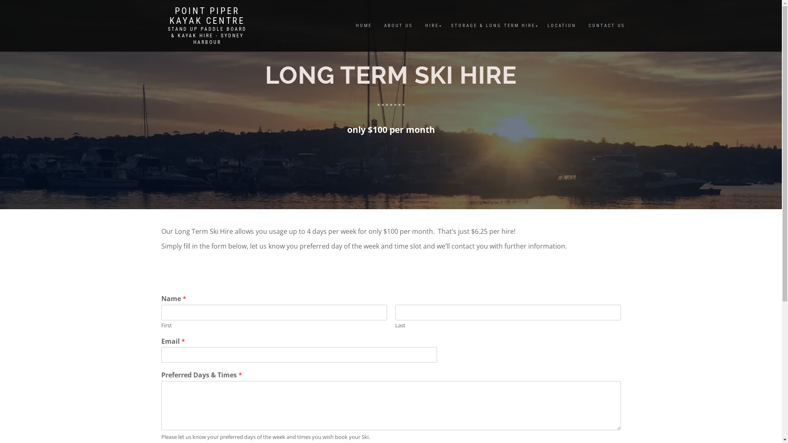 Image resolution: width=788 pixels, height=443 pixels. I want to click on 'STORAGE & LONG TERM HIRE', so click(492, 25).